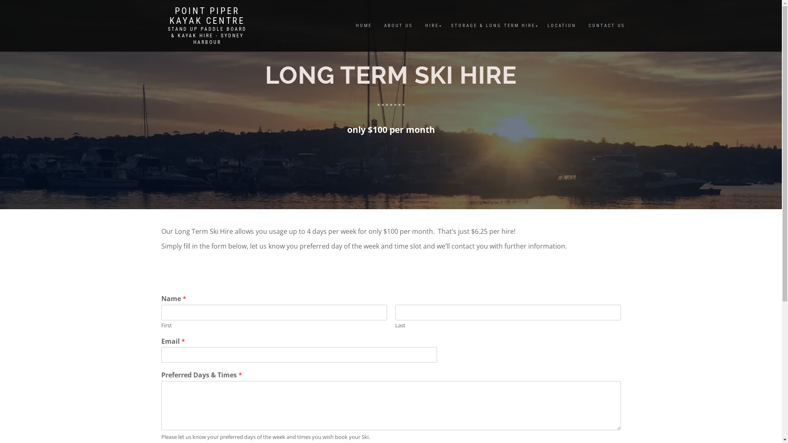 Image resolution: width=788 pixels, height=443 pixels. I want to click on 'STORAGE & LONG TERM HIRE', so click(492, 25).